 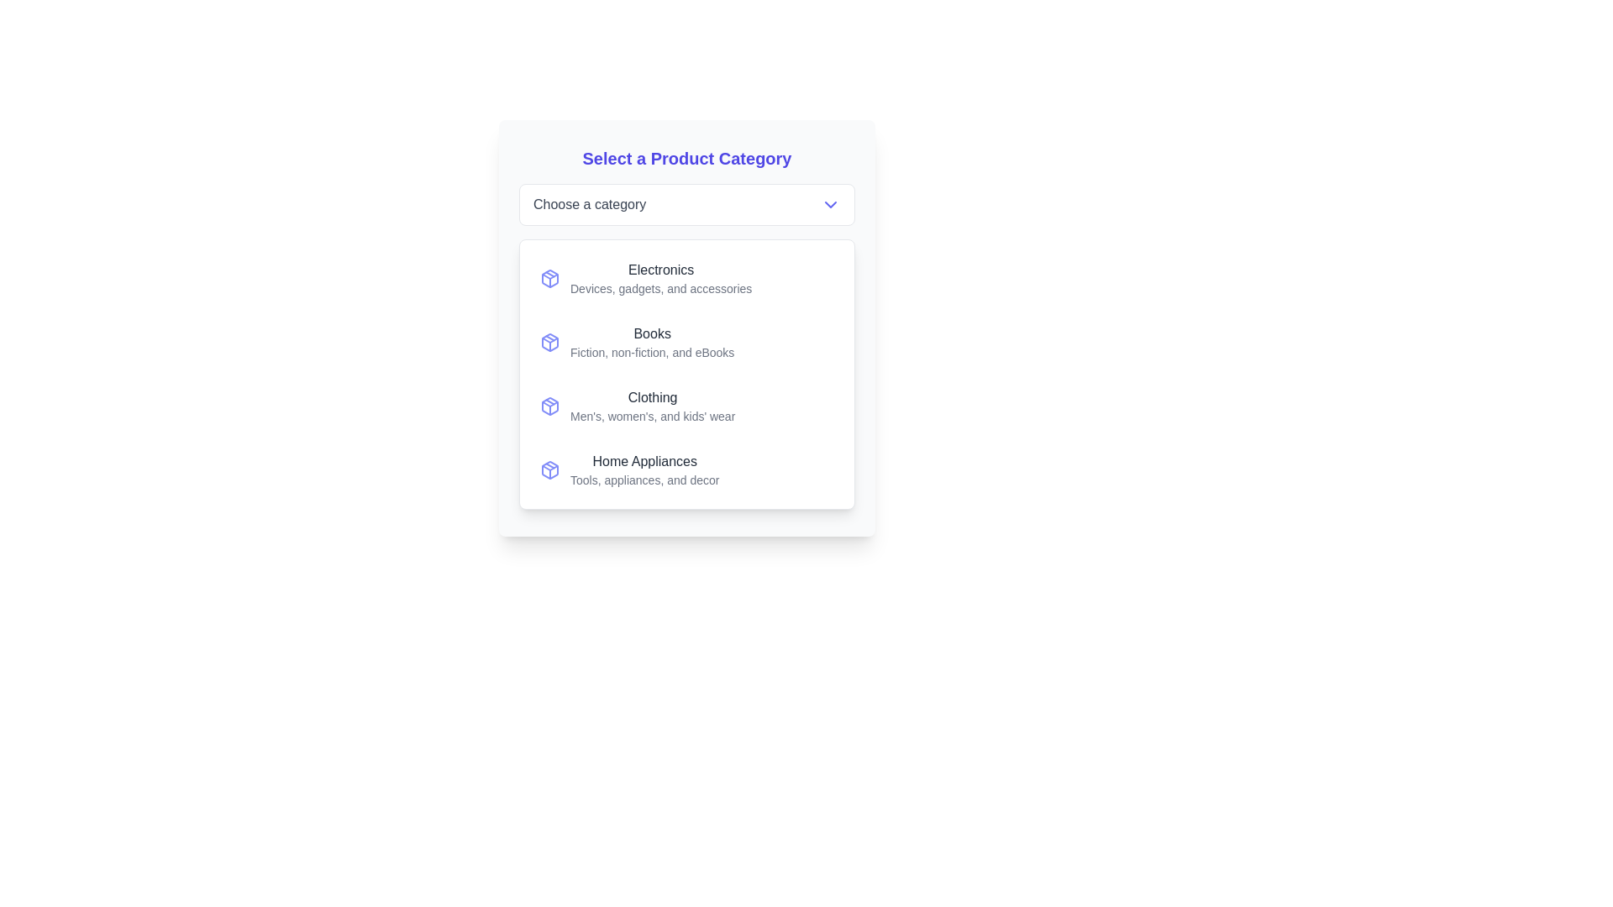 What do you see at coordinates (549, 277) in the screenshot?
I see `the SVG element representing the 'Electronics' category in the dropdown menu, which is located adjacent to the text 'Electronics'` at bounding box center [549, 277].